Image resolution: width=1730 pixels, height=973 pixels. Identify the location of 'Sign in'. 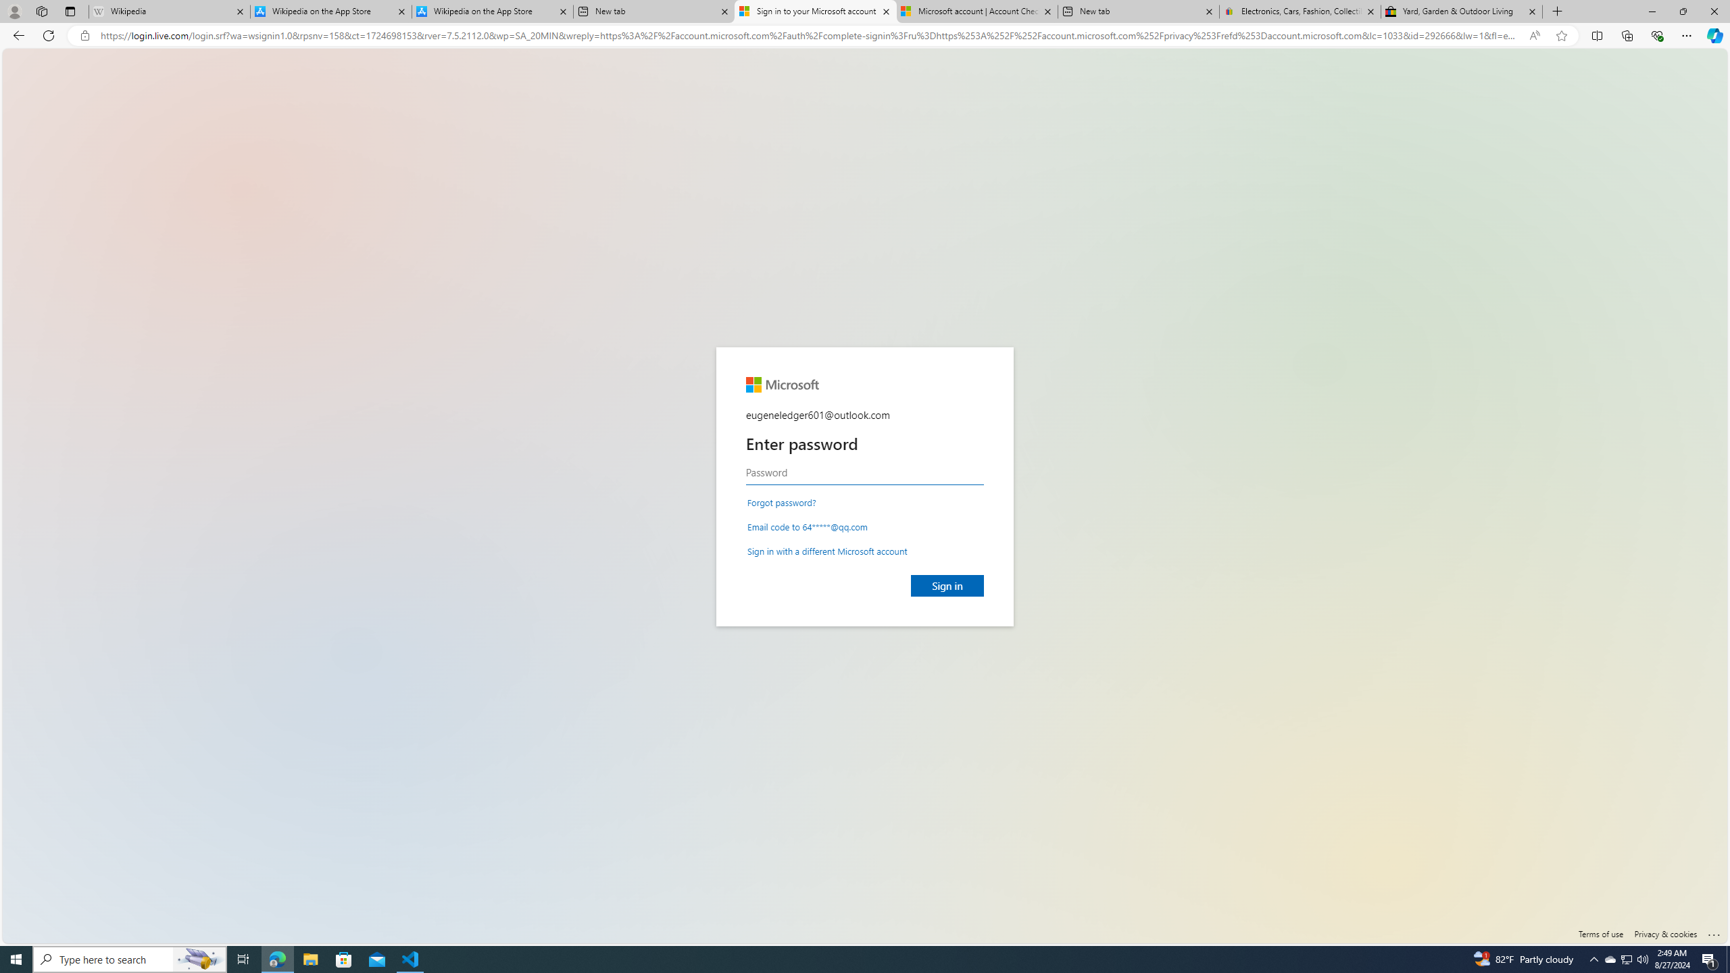
(947, 584).